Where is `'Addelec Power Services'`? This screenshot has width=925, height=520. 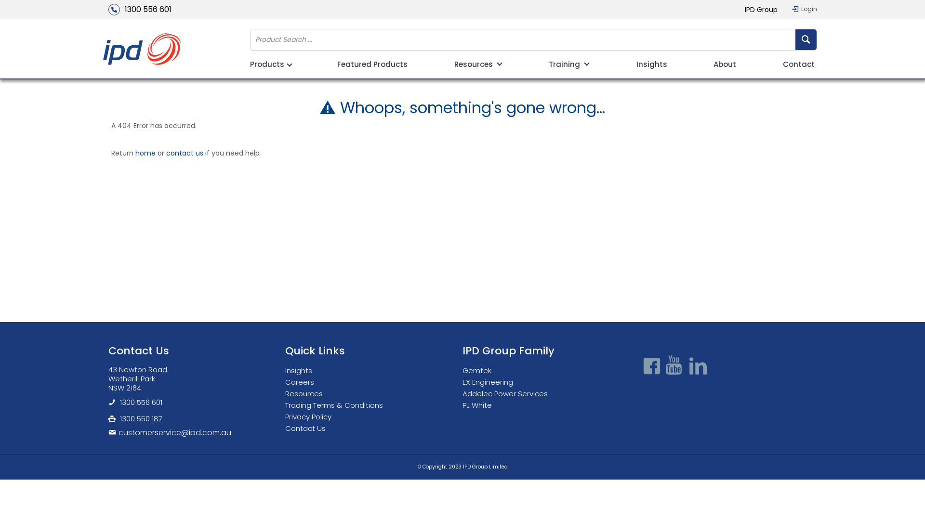 'Addelec Power Services' is located at coordinates (507, 393).